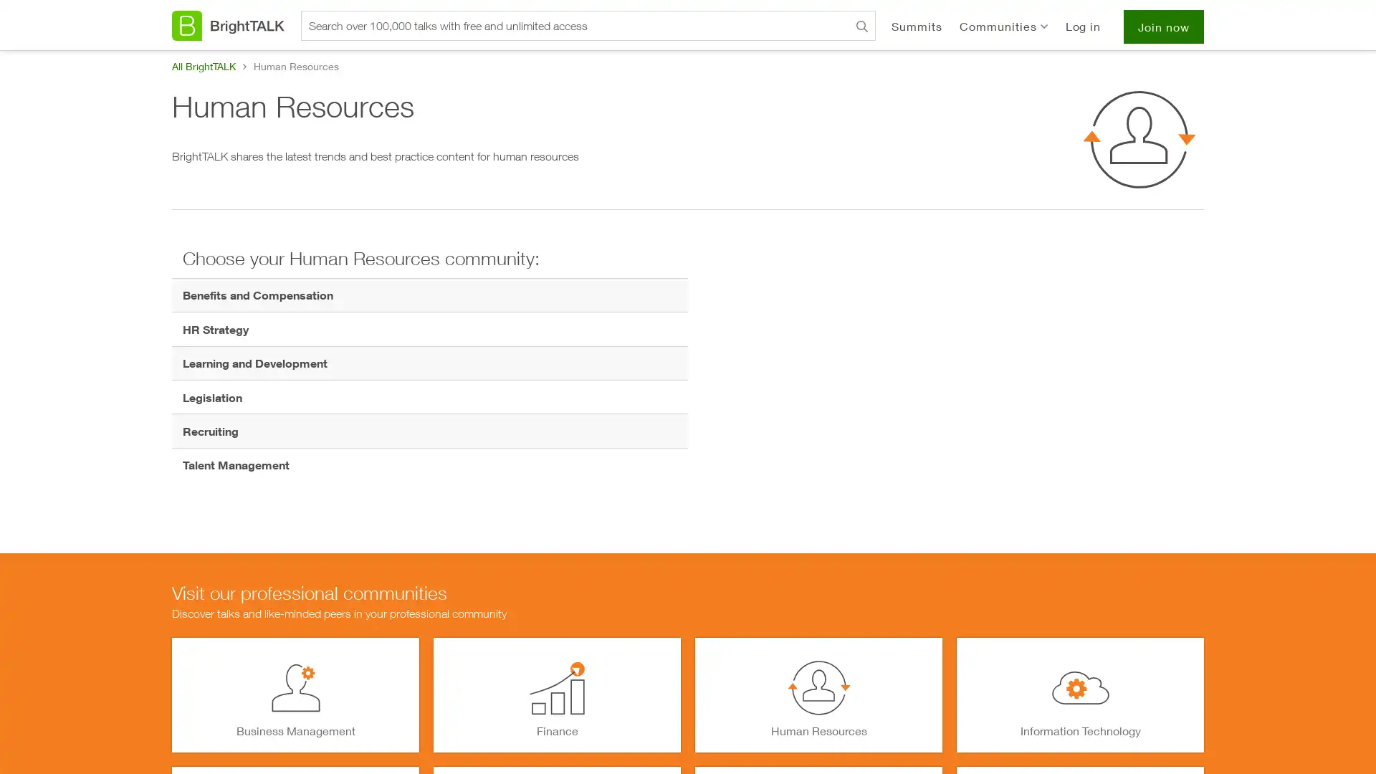 This screenshot has width=1376, height=774. What do you see at coordinates (861, 27) in the screenshot?
I see `Search BrightTALK` at bounding box center [861, 27].